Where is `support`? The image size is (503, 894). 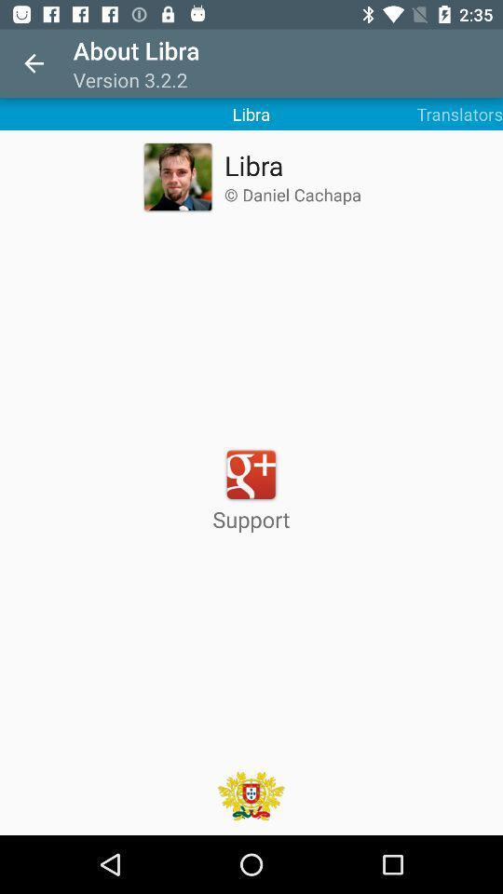
support is located at coordinates (251, 489).